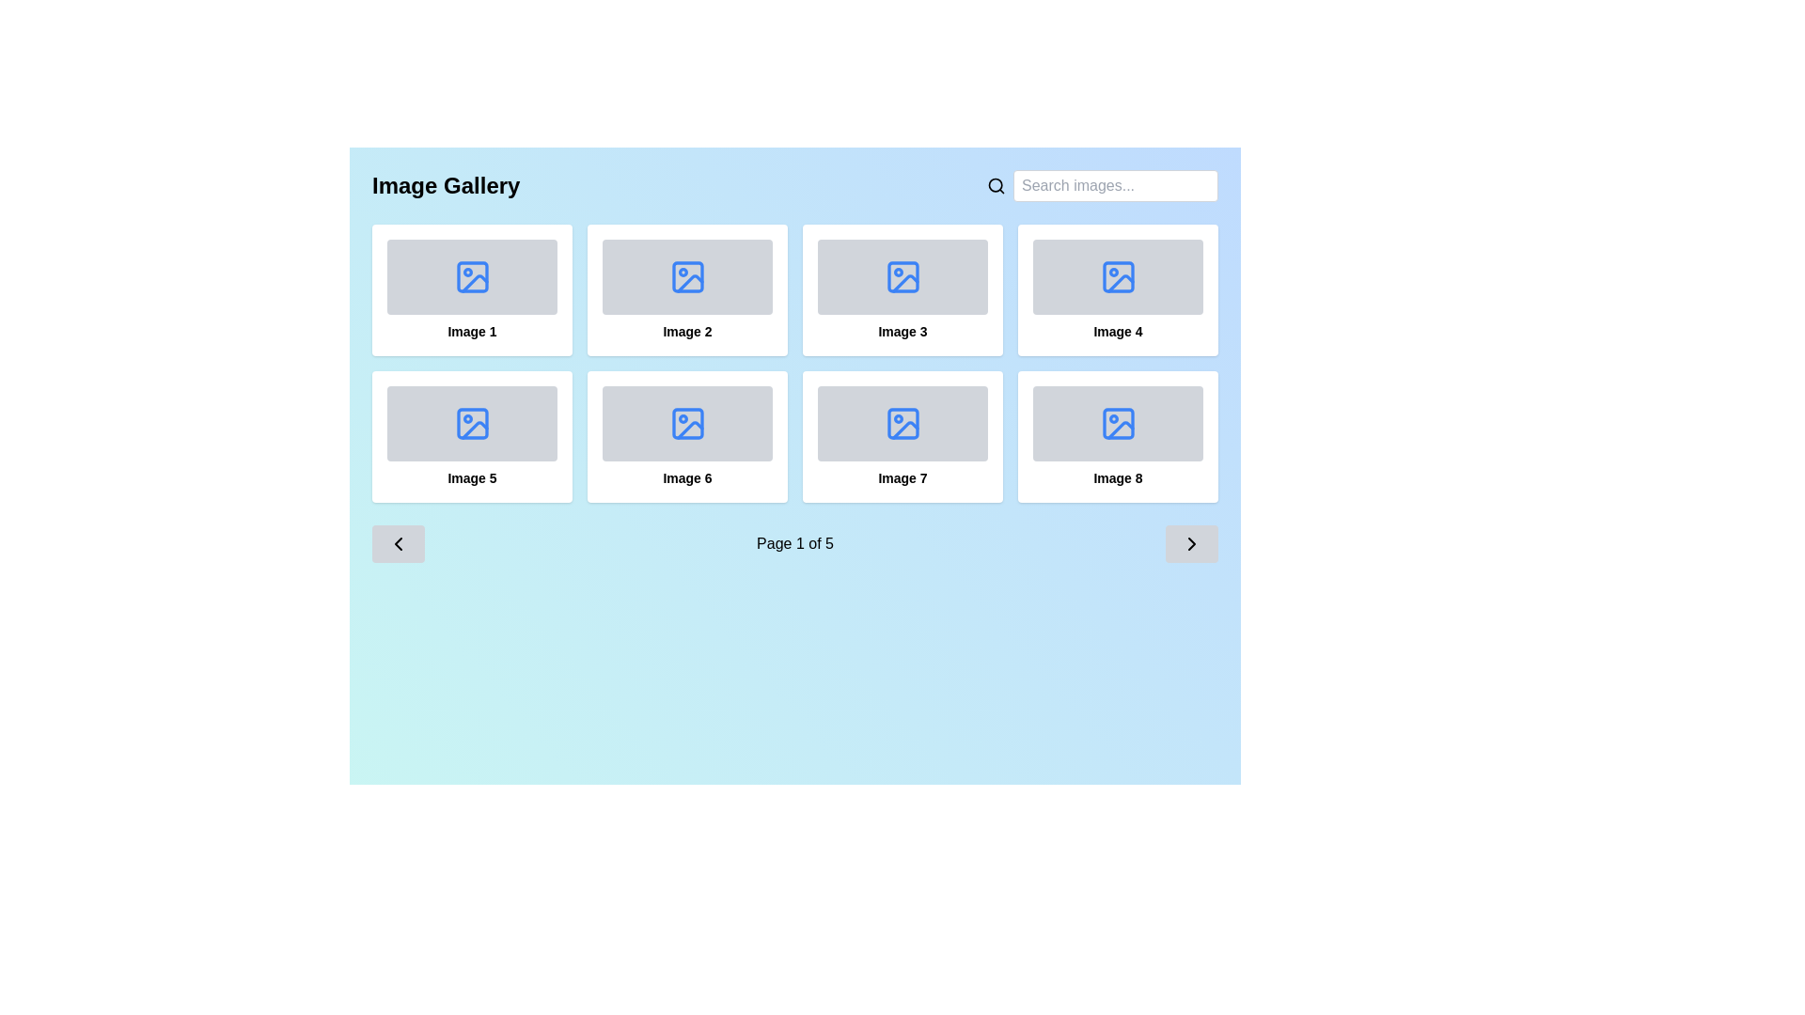 The height and width of the screenshot is (1015, 1805). What do you see at coordinates (902, 276) in the screenshot?
I see `the icon resembling an image, styled with light blue color against a gray background, located in the third column of the first row of a 4x2 grid layout` at bounding box center [902, 276].